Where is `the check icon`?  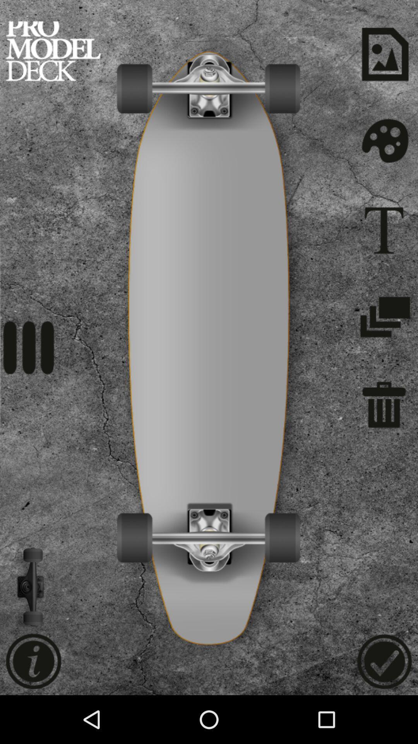
the check icon is located at coordinates (384, 708).